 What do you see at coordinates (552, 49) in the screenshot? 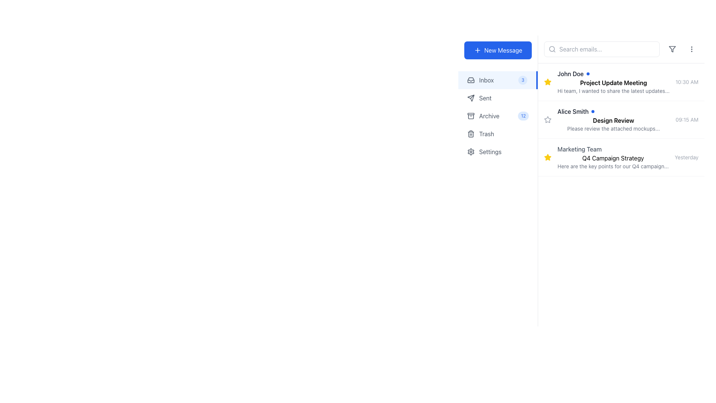
I see `the circular search icon located to the left of the search bar at the top of the email list section, which is depicted as a magnifying glass and has a grayish tone` at bounding box center [552, 49].